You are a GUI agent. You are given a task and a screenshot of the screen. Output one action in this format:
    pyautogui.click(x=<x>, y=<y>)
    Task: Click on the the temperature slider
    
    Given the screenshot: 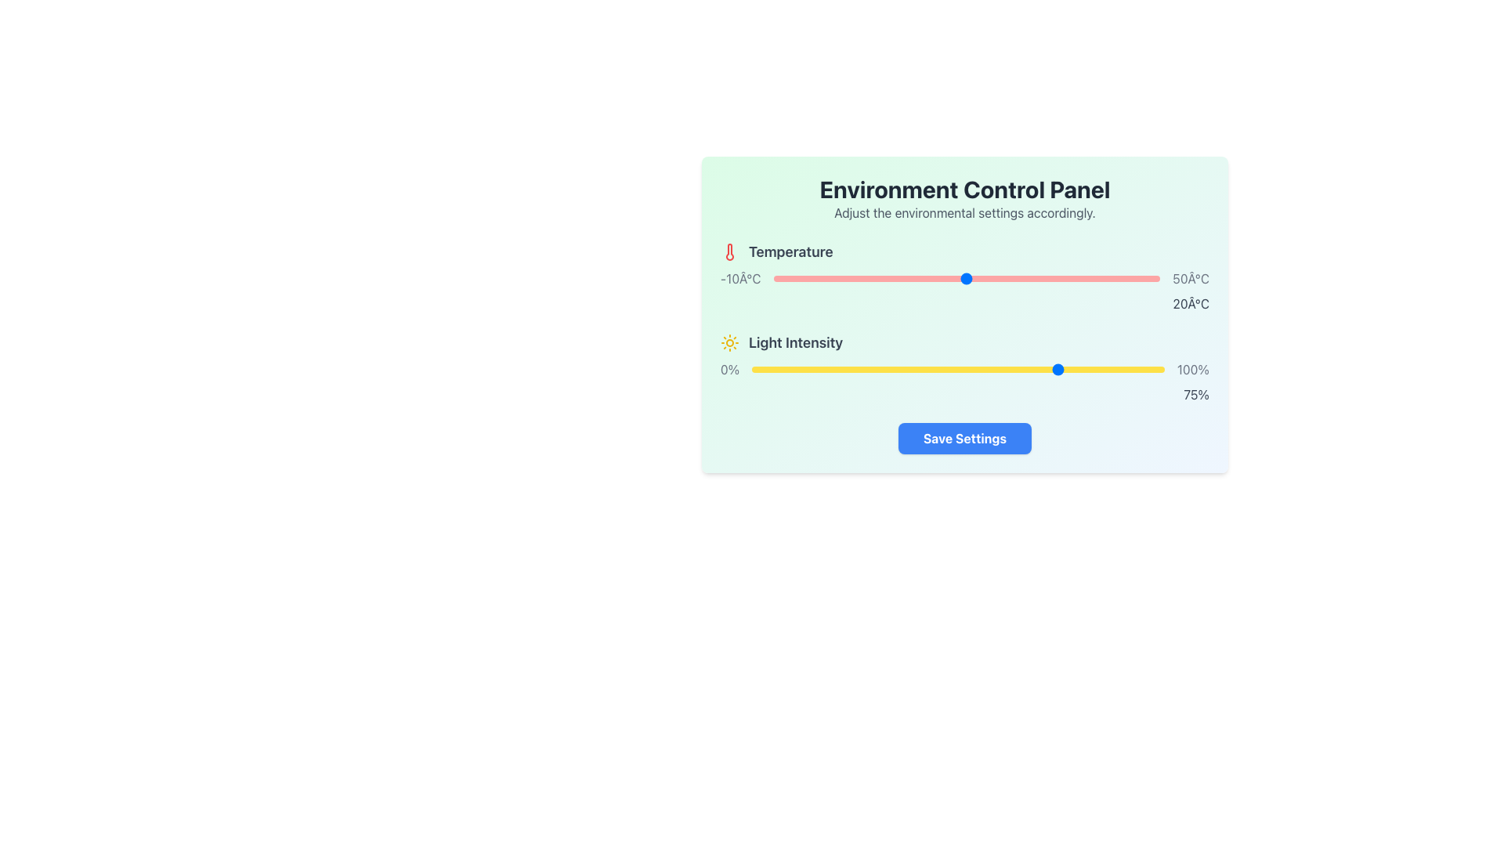 What is the action you would take?
    pyautogui.click(x=1037, y=277)
    